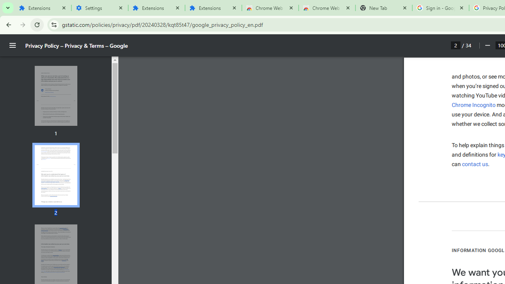 The image size is (505, 284). I want to click on 'Page number', so click(456, 45).